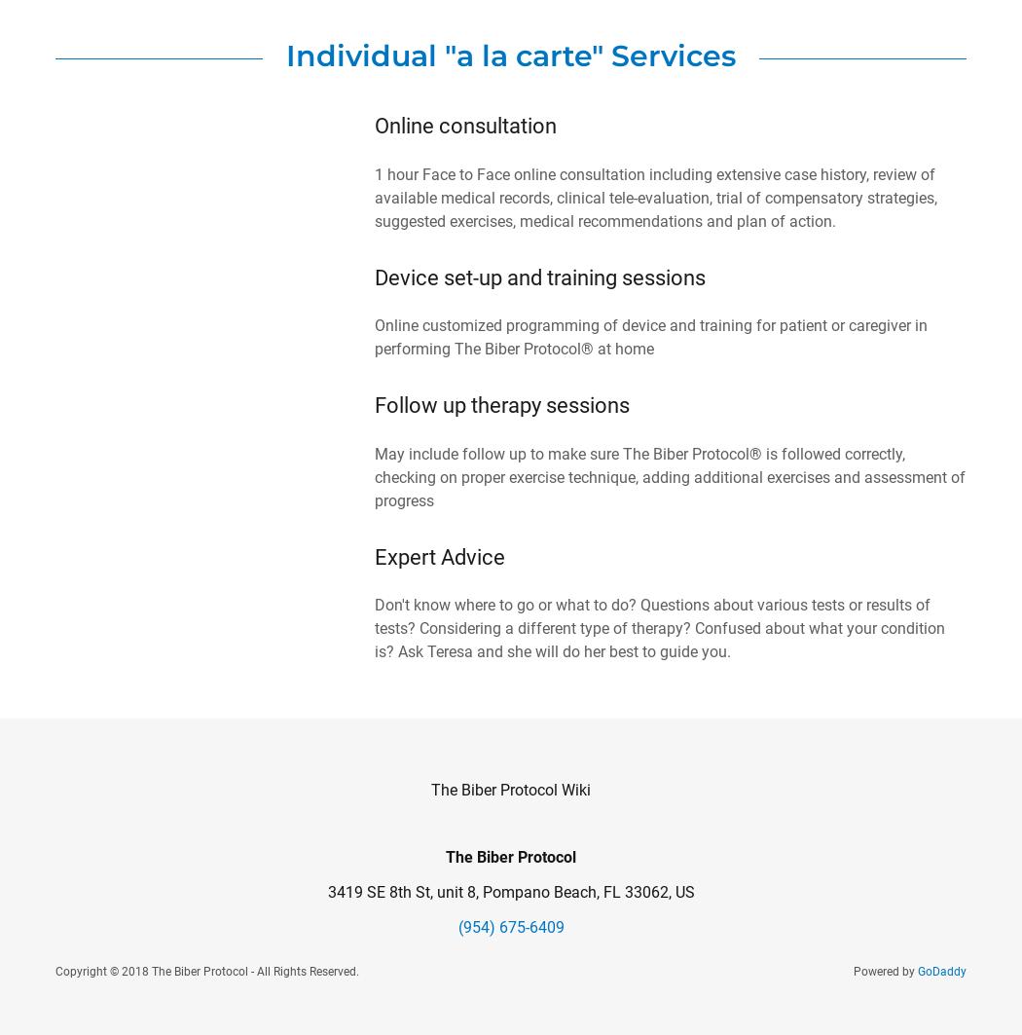  Describe the element at coordinates (540, 277) in the screenshot. I see `'Device set-up and training sessions'` at that location.